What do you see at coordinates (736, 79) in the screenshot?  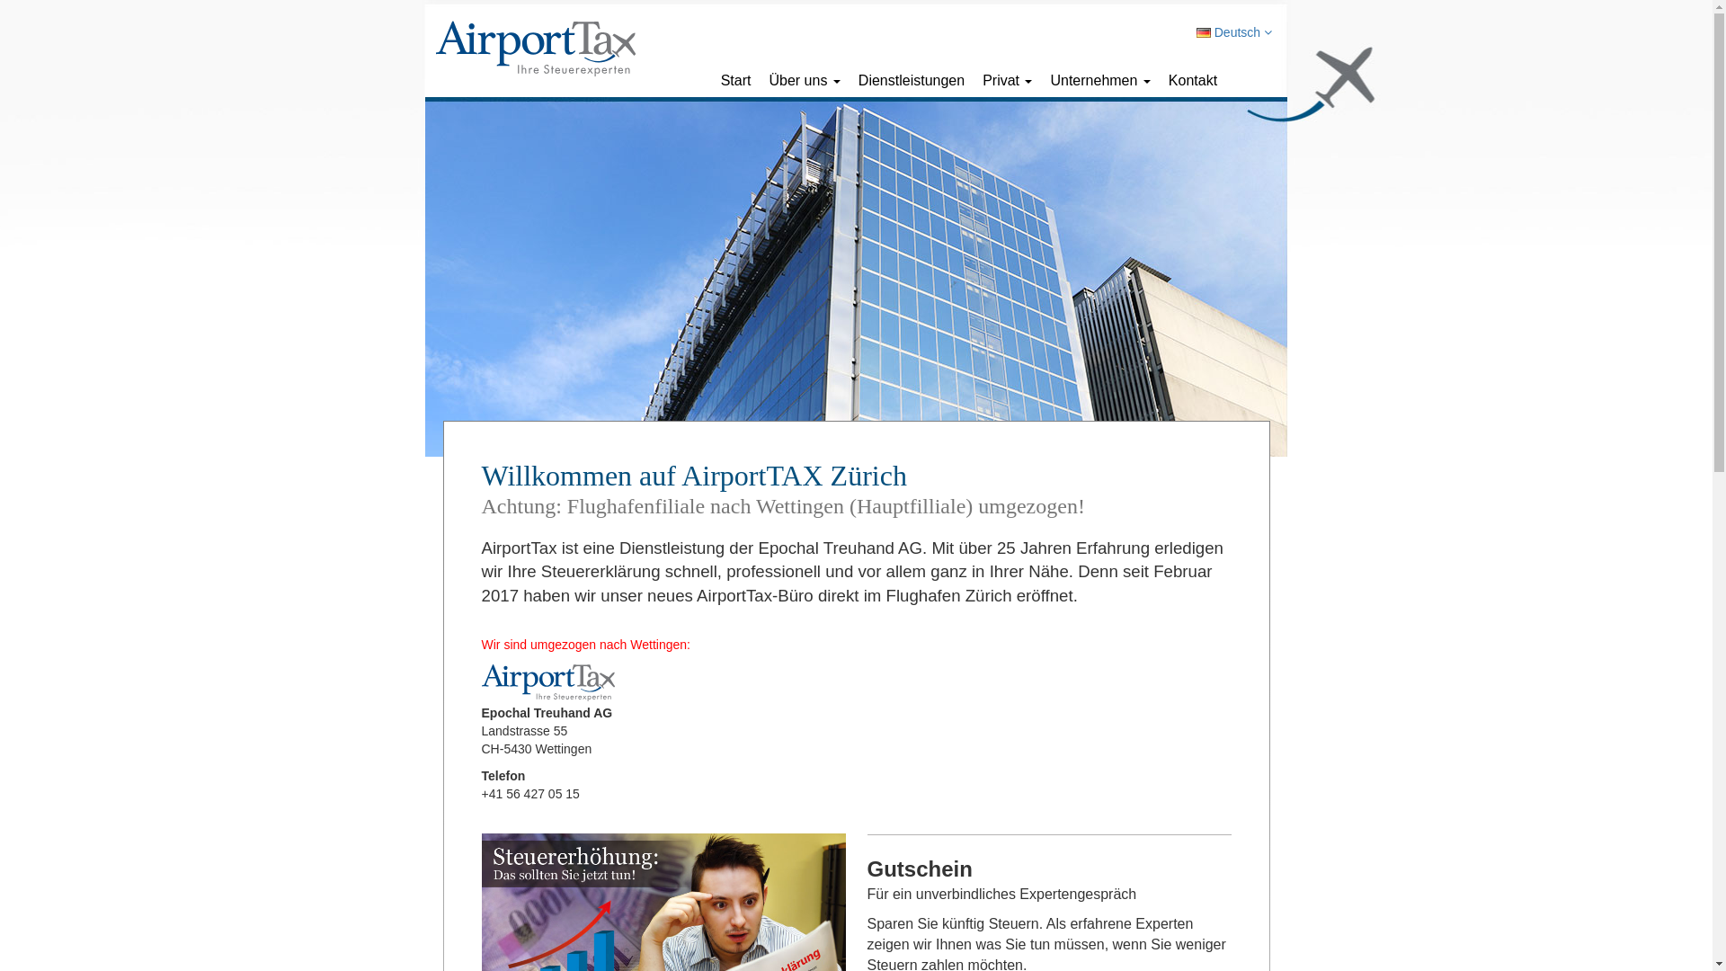 I see `'Start'` at bounding box center [736, 79].